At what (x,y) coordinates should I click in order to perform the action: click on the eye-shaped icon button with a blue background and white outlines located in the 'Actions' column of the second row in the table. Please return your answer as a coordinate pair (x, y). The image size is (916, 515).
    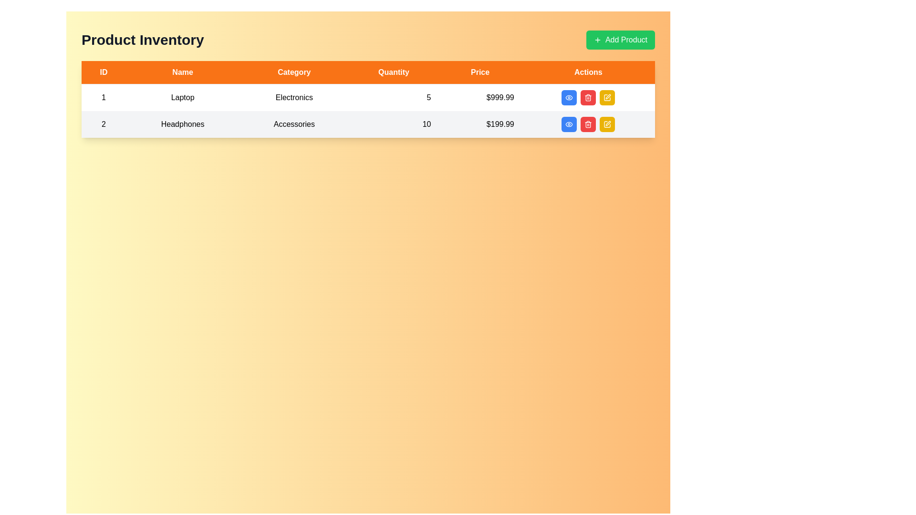
    Looking at the image, I should click on (569, 97).